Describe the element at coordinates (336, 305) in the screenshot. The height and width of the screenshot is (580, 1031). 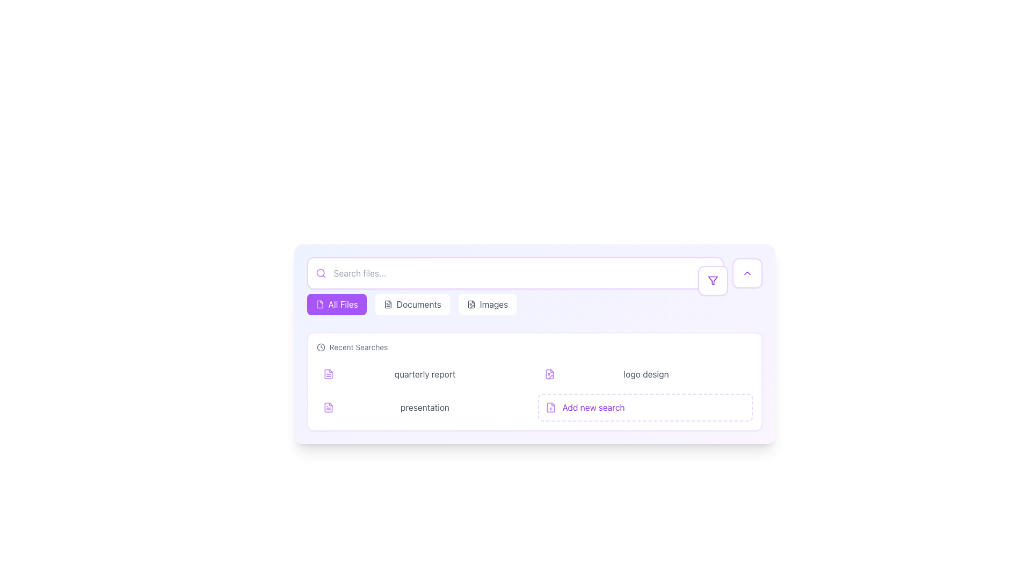
I see `the 'All Files' button, which is a vibrant purple button with white text and a file icon` at that location.